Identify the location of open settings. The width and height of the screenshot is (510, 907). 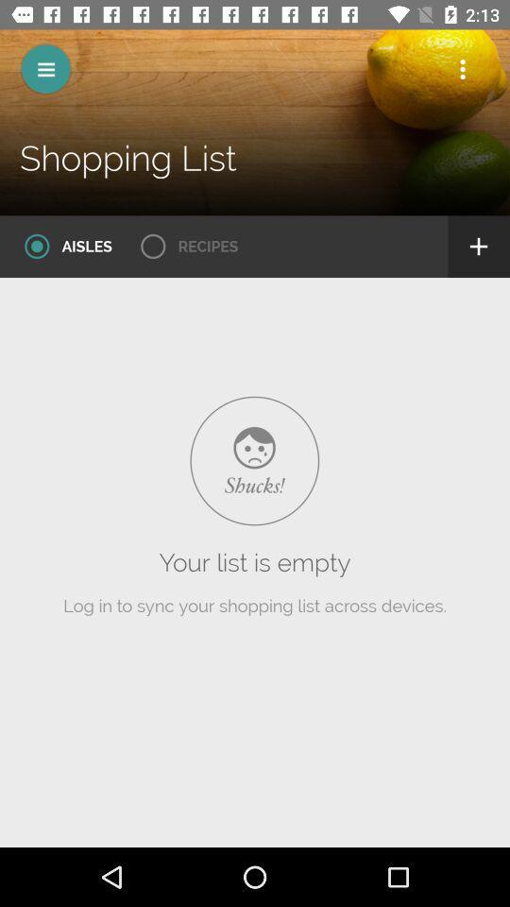
(462, 69).